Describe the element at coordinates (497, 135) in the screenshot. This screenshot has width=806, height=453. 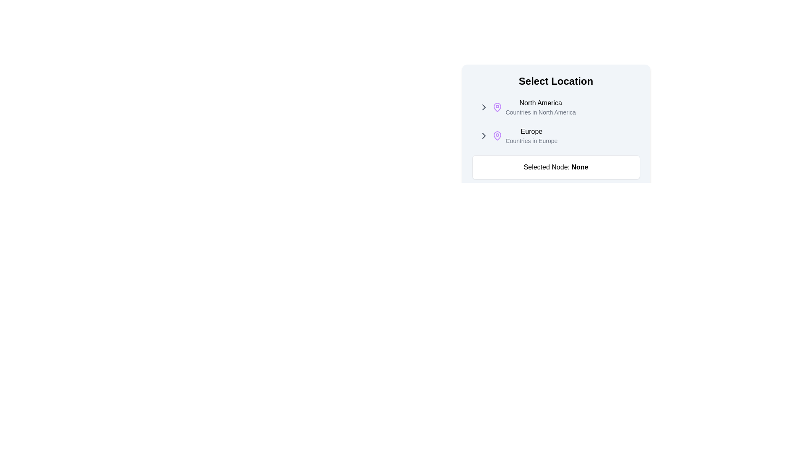
I see `the geographical location icon positioned to the left of the 'Europe' entry under the 'Select Location' header` at that location.